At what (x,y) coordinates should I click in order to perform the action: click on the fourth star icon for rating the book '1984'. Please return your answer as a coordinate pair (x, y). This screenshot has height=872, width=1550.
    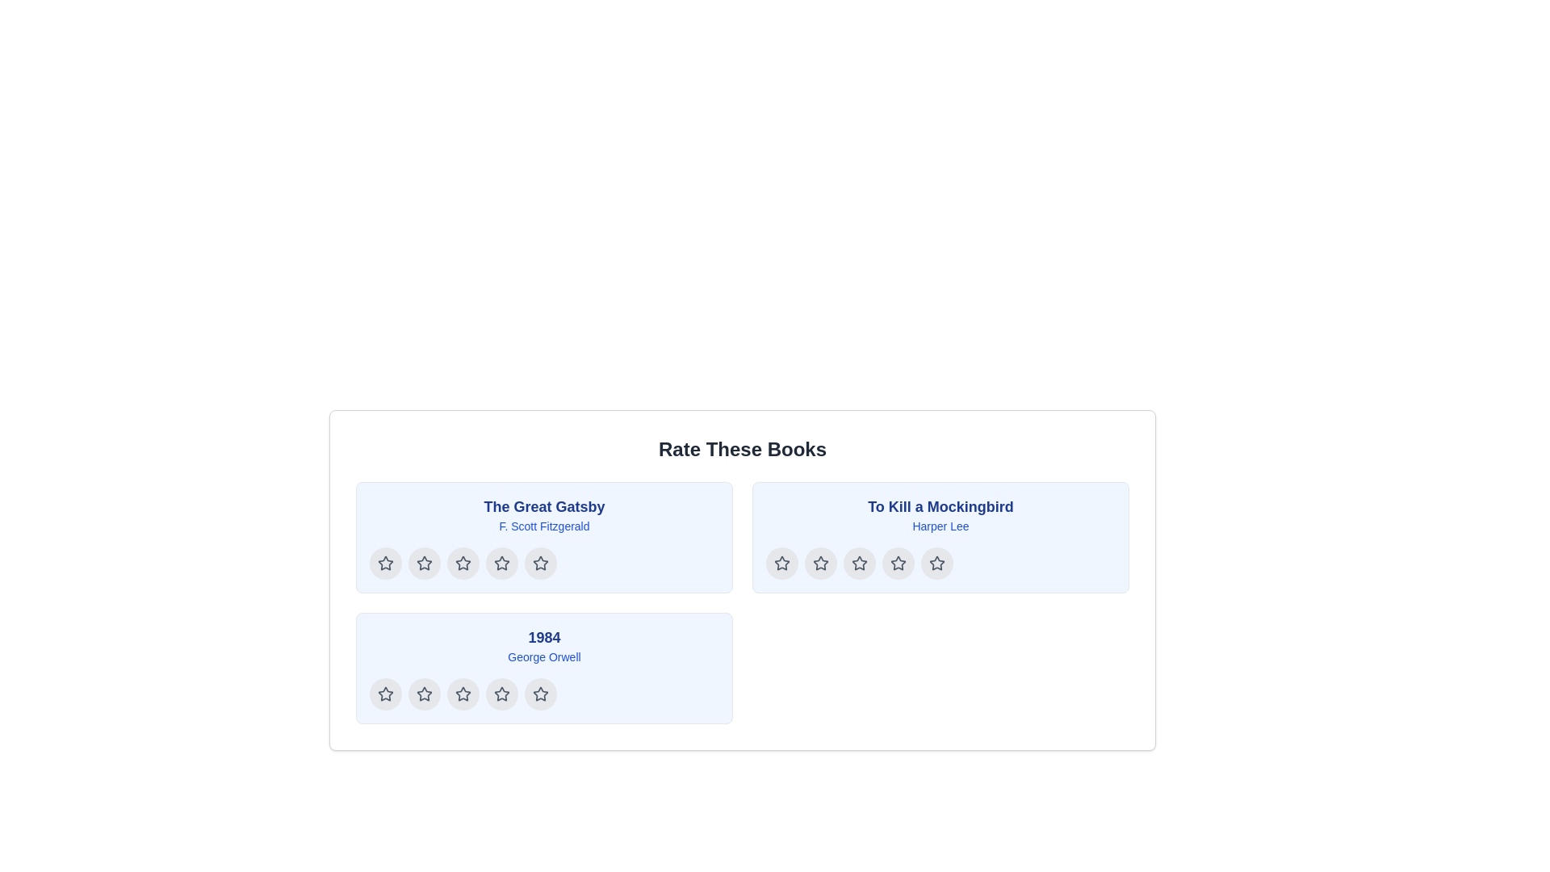
    Looking at the image, I should click on (501, 693).